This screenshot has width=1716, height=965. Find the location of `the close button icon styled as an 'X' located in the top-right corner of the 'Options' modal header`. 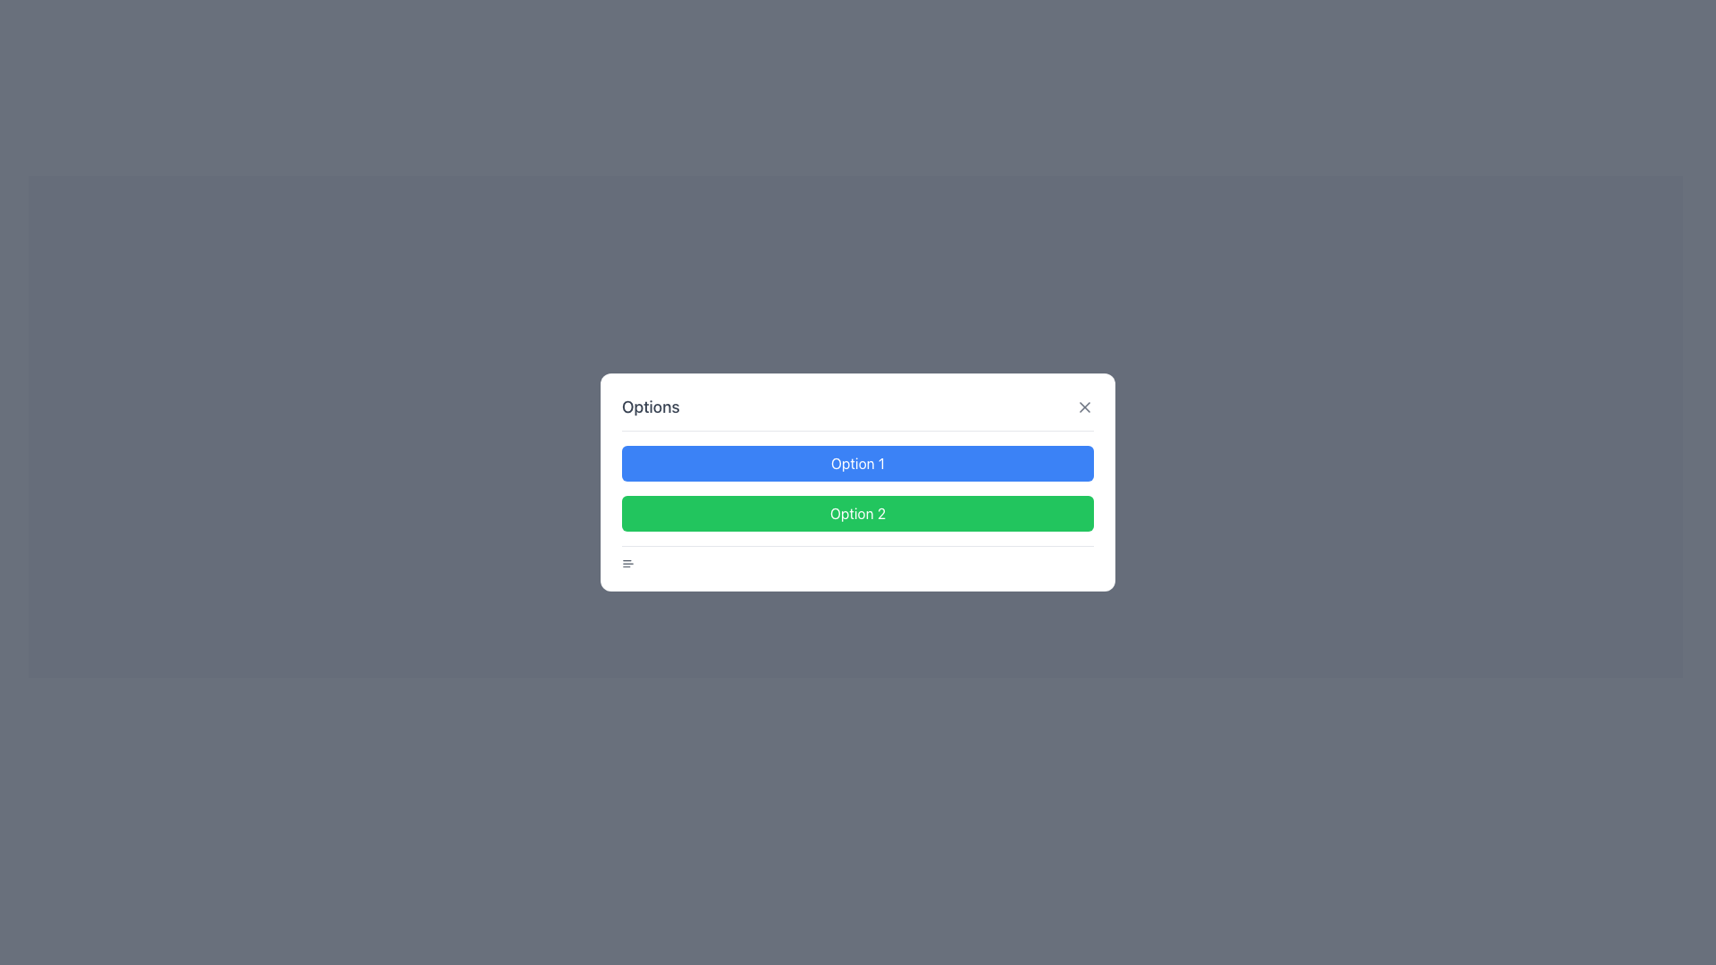

the close button icon styled as an 'X' located in the top-right corner of the 'Options' modal header is located at coordinates (1084, 407).